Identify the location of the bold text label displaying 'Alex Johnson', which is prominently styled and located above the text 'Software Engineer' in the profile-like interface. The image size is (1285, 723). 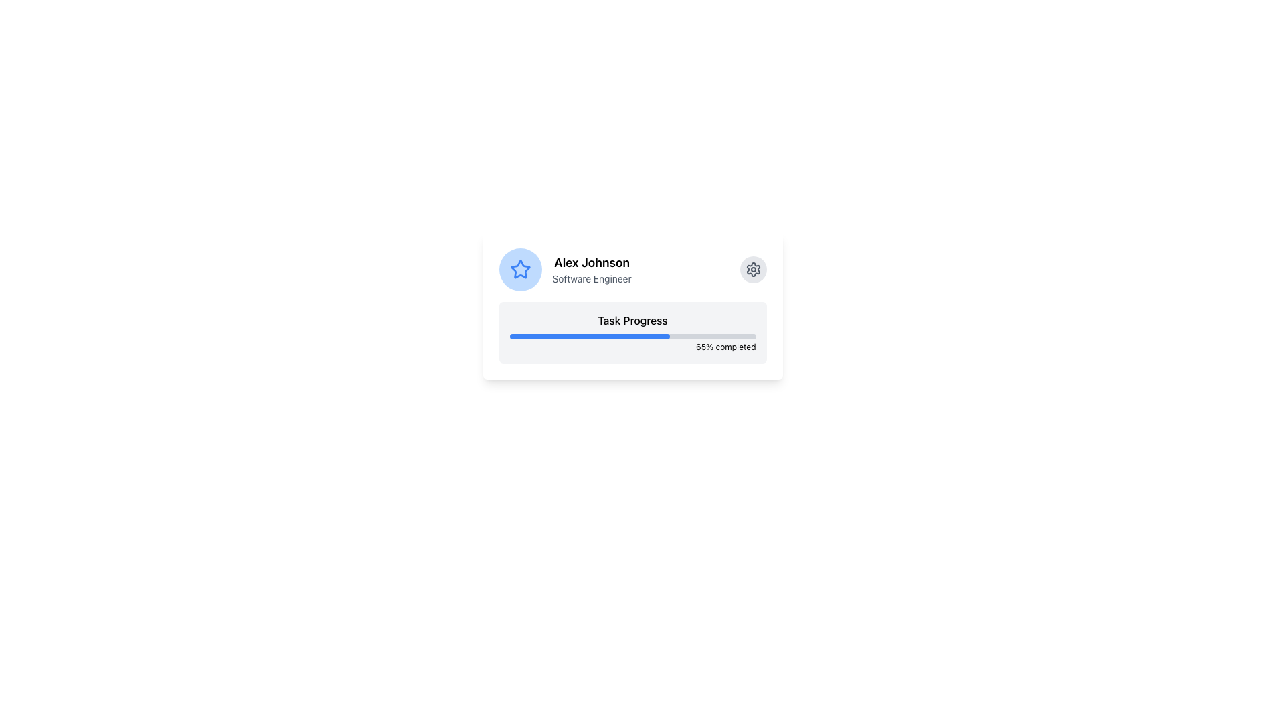
(591, 263).